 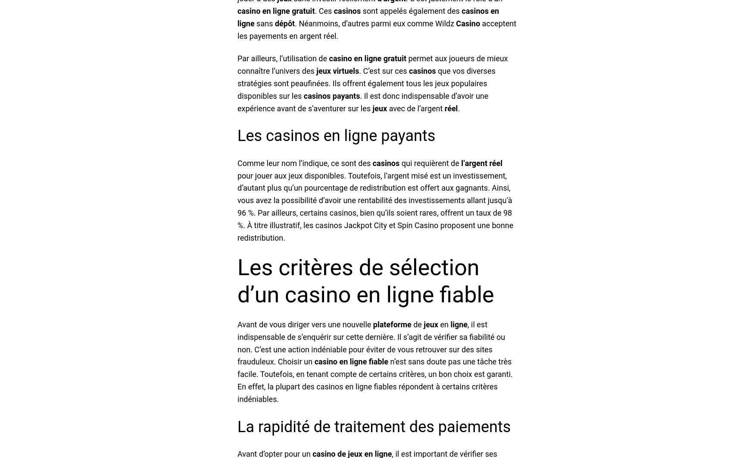 What do you see at coordinates (237, 426) in the screenshot?
I see `'La rapidité de traitement des paiements'` at bounding box center [237, 426].